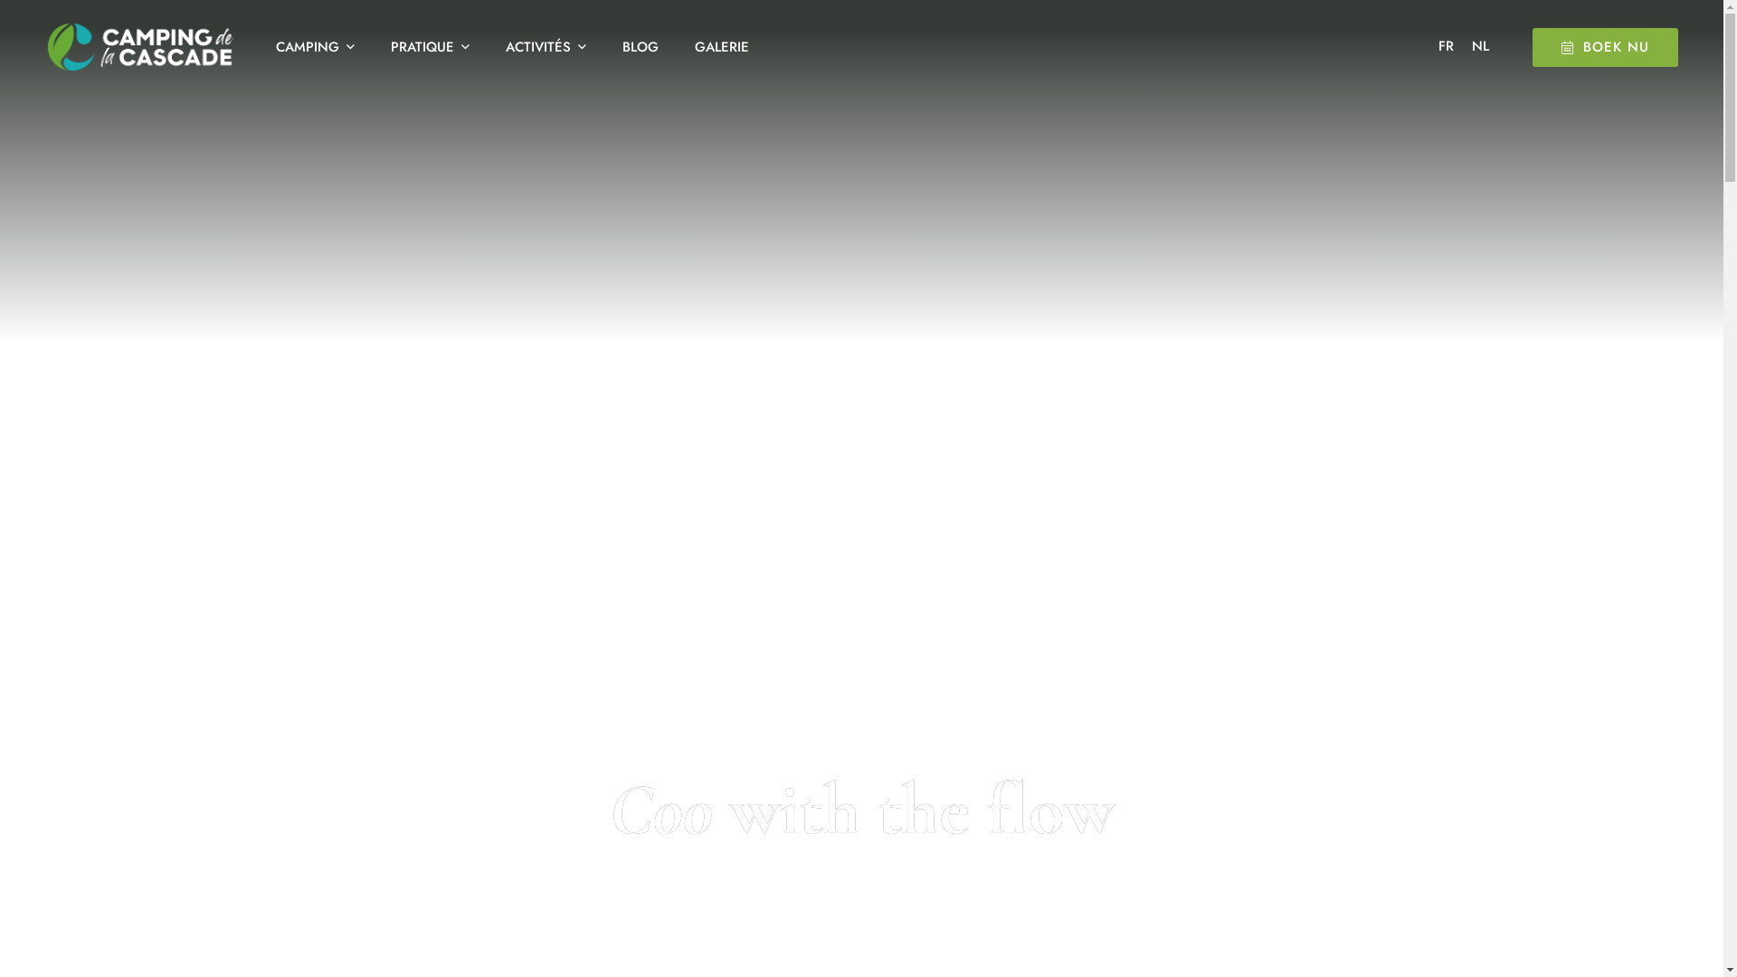 The width and height of the screenshot is (1737, 977). I want to click on 'PRATIQUE', so click(429, 45).